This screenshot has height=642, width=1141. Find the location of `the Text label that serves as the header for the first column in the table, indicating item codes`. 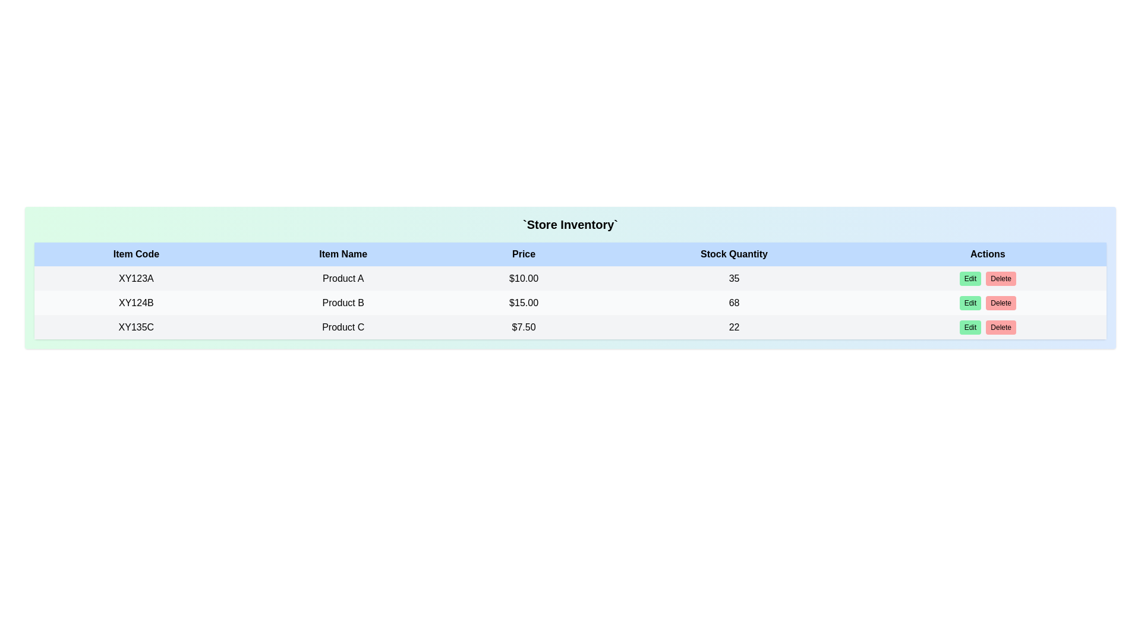

the Text label that serves as the header for the first column in the table, indicating item codes is located at coordinates (136, 254).